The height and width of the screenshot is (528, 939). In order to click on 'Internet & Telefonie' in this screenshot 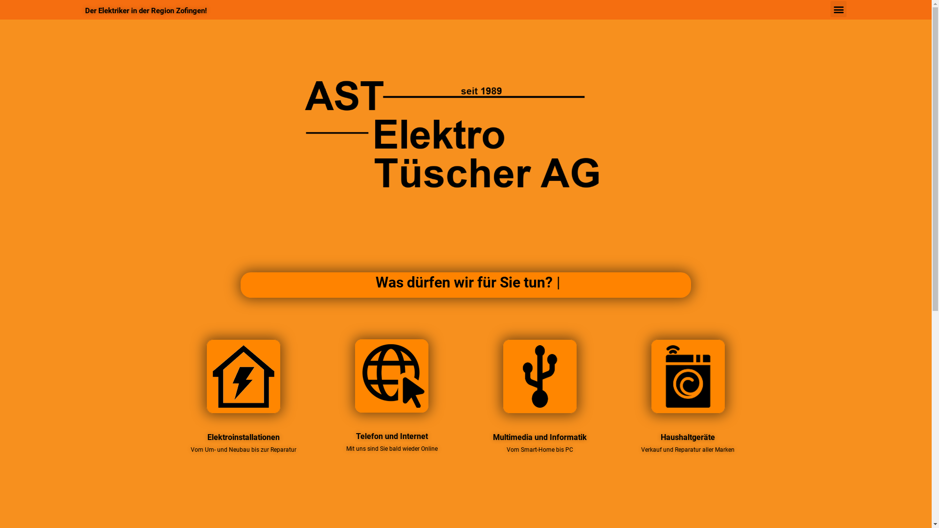, I will do `click(354, 375)`.